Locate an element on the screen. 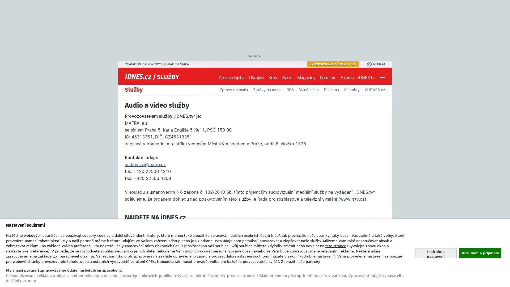  Nastavte sve souhlasy is located at coordinates (436, 253).